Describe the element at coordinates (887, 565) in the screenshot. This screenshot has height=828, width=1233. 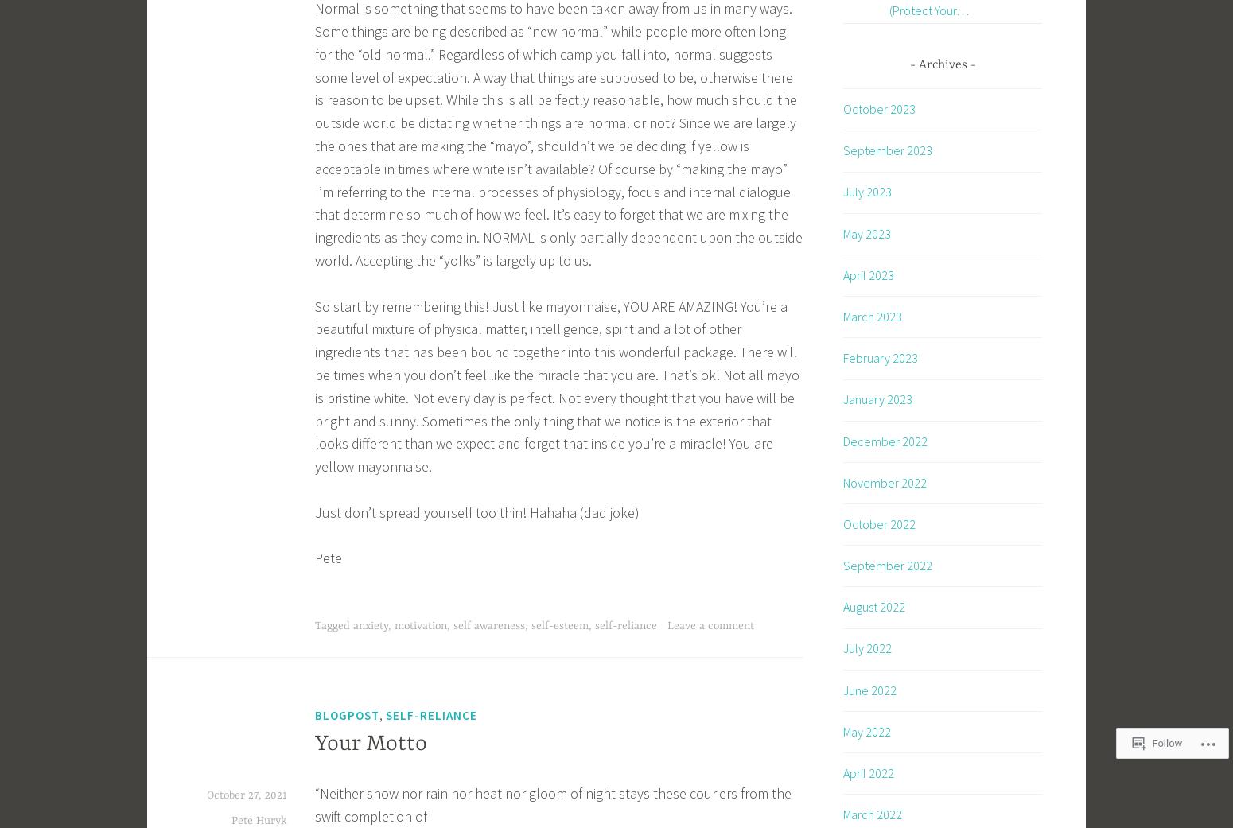
I see `'September 2022'` at that location.